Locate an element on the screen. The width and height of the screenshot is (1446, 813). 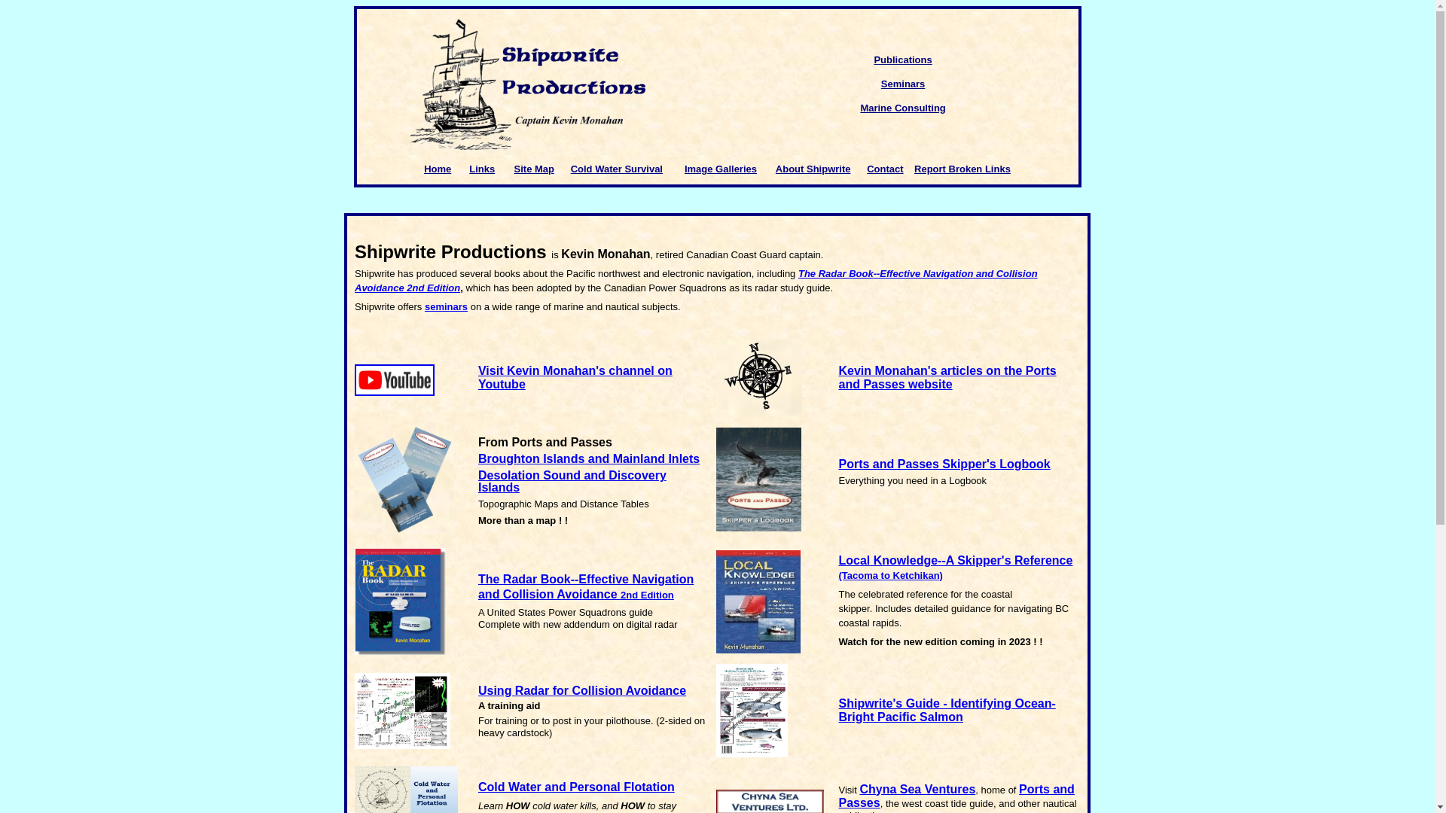
'seminars' is located at coordinates (445, 306).